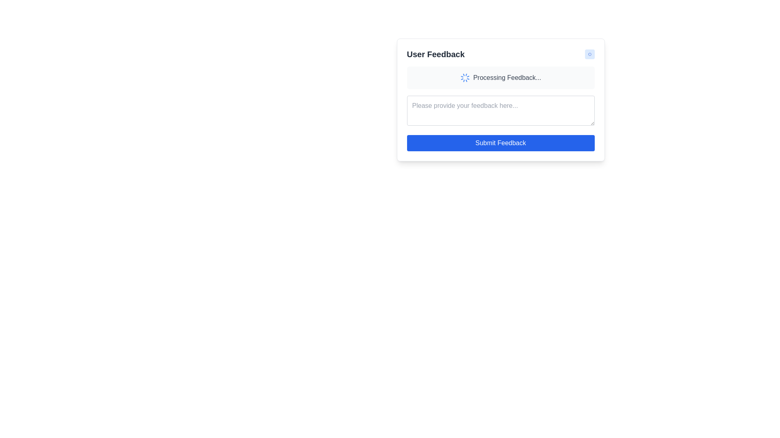 The width and height of the screenshot is (780, 438). Describe the element at coordinates (435, 54) in the screenshot. I see `the bold, extra-large dark gray text labeled 'User Feedback' located in the header section of the feedback form` at that location.